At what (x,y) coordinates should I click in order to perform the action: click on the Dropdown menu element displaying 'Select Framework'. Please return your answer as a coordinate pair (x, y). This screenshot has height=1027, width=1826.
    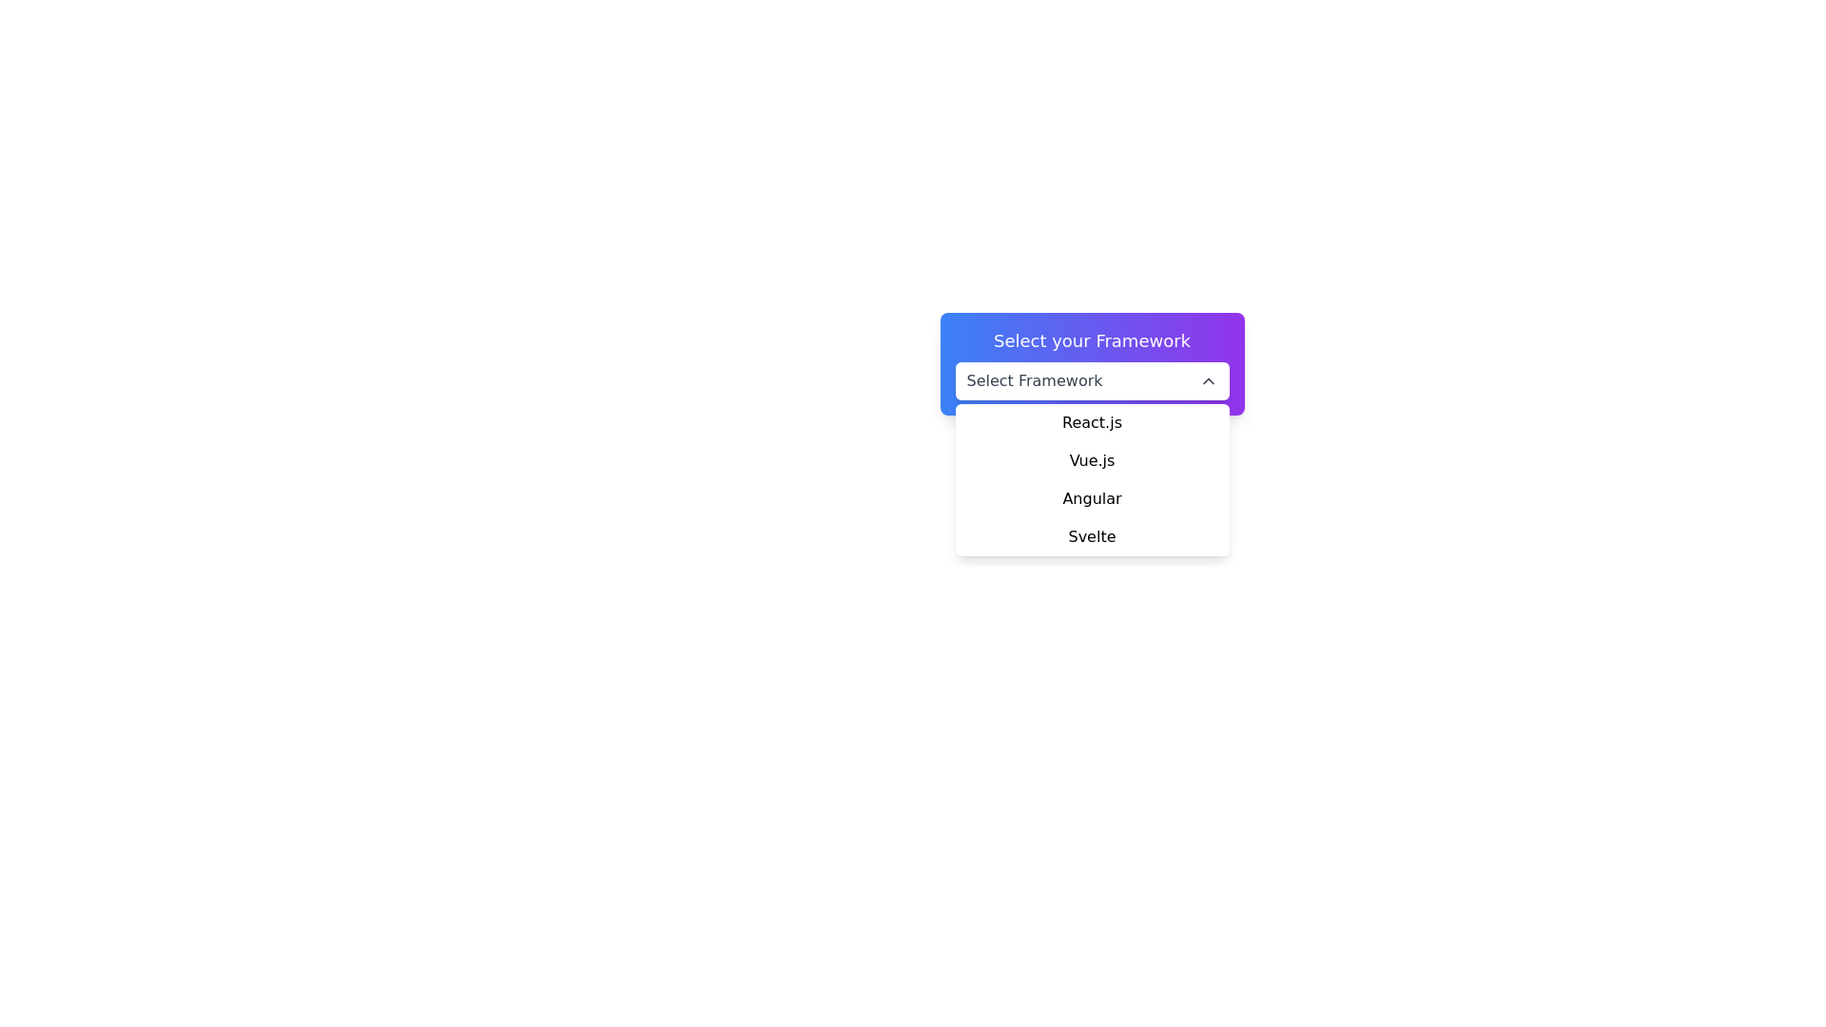
    Looking at the image, I should click on (1092, 381).